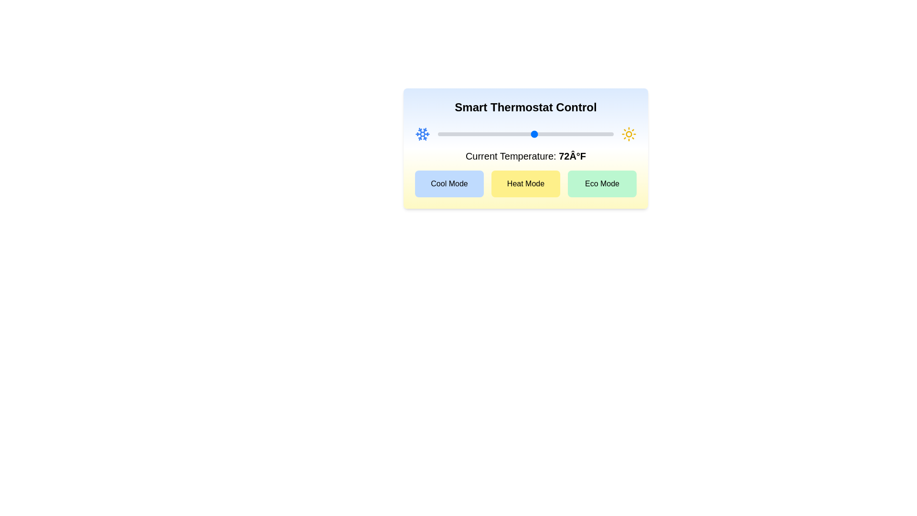  Describe the element at coordinates (565, 134) in the screenshot. I see `the temperature slider to set the temperature to 79°F` at that location.